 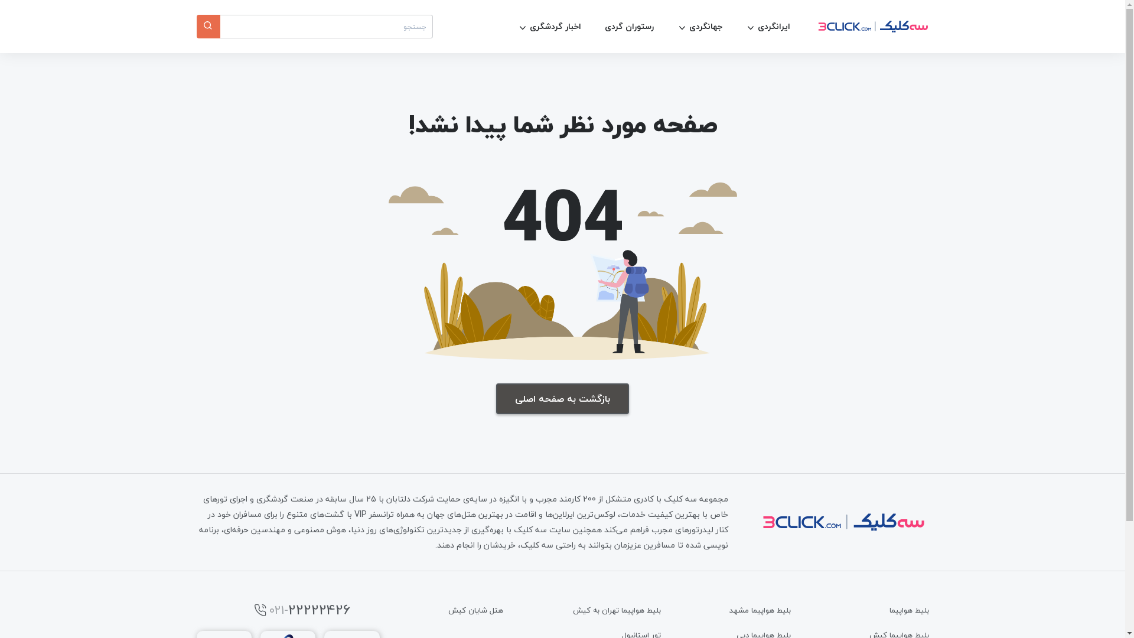 I want to click on '-021, so click(x=296, y=610).